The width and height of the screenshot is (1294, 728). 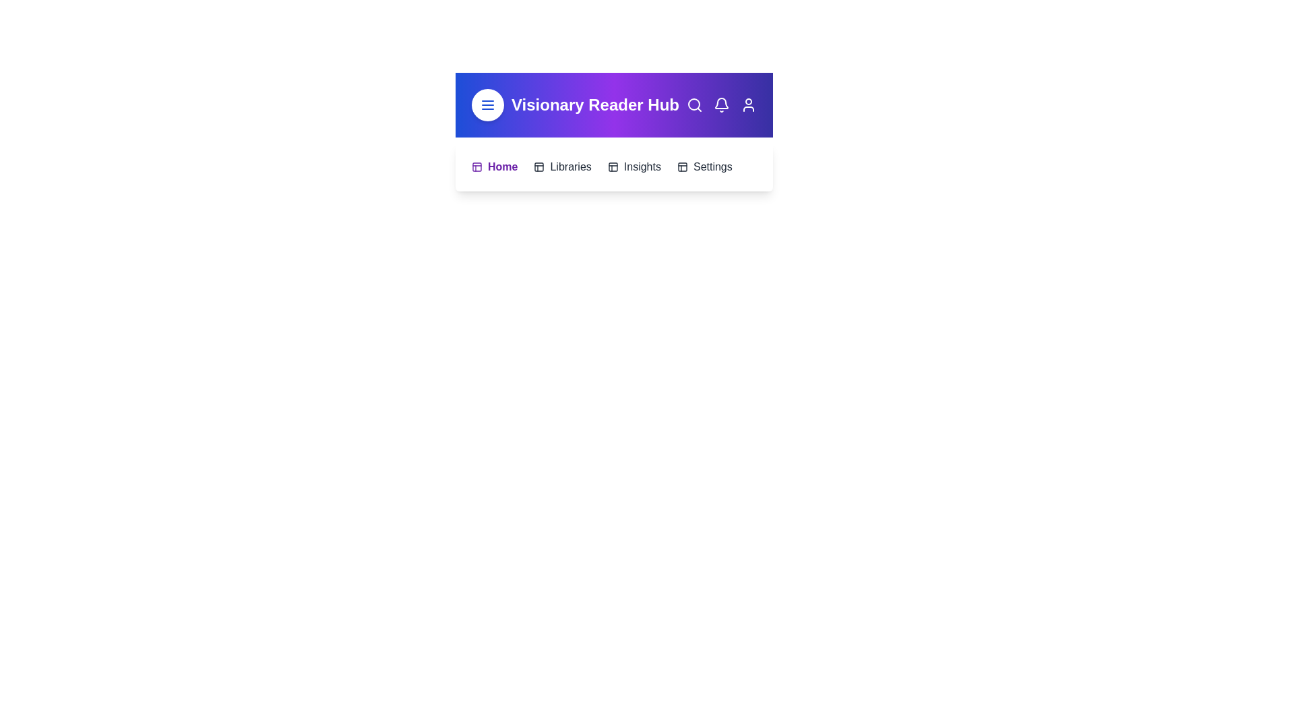 What do you see at coordinates (747, 104) in the screenshot?
I see `the user_profile icon in the header` at bounding box center [747, 104].